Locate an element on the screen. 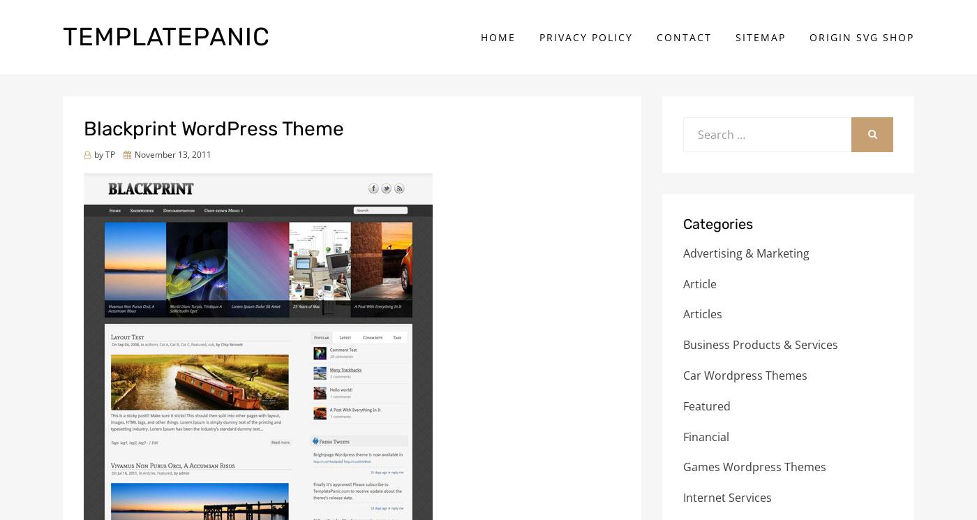  'Home' is located at coordinates (480, 36).